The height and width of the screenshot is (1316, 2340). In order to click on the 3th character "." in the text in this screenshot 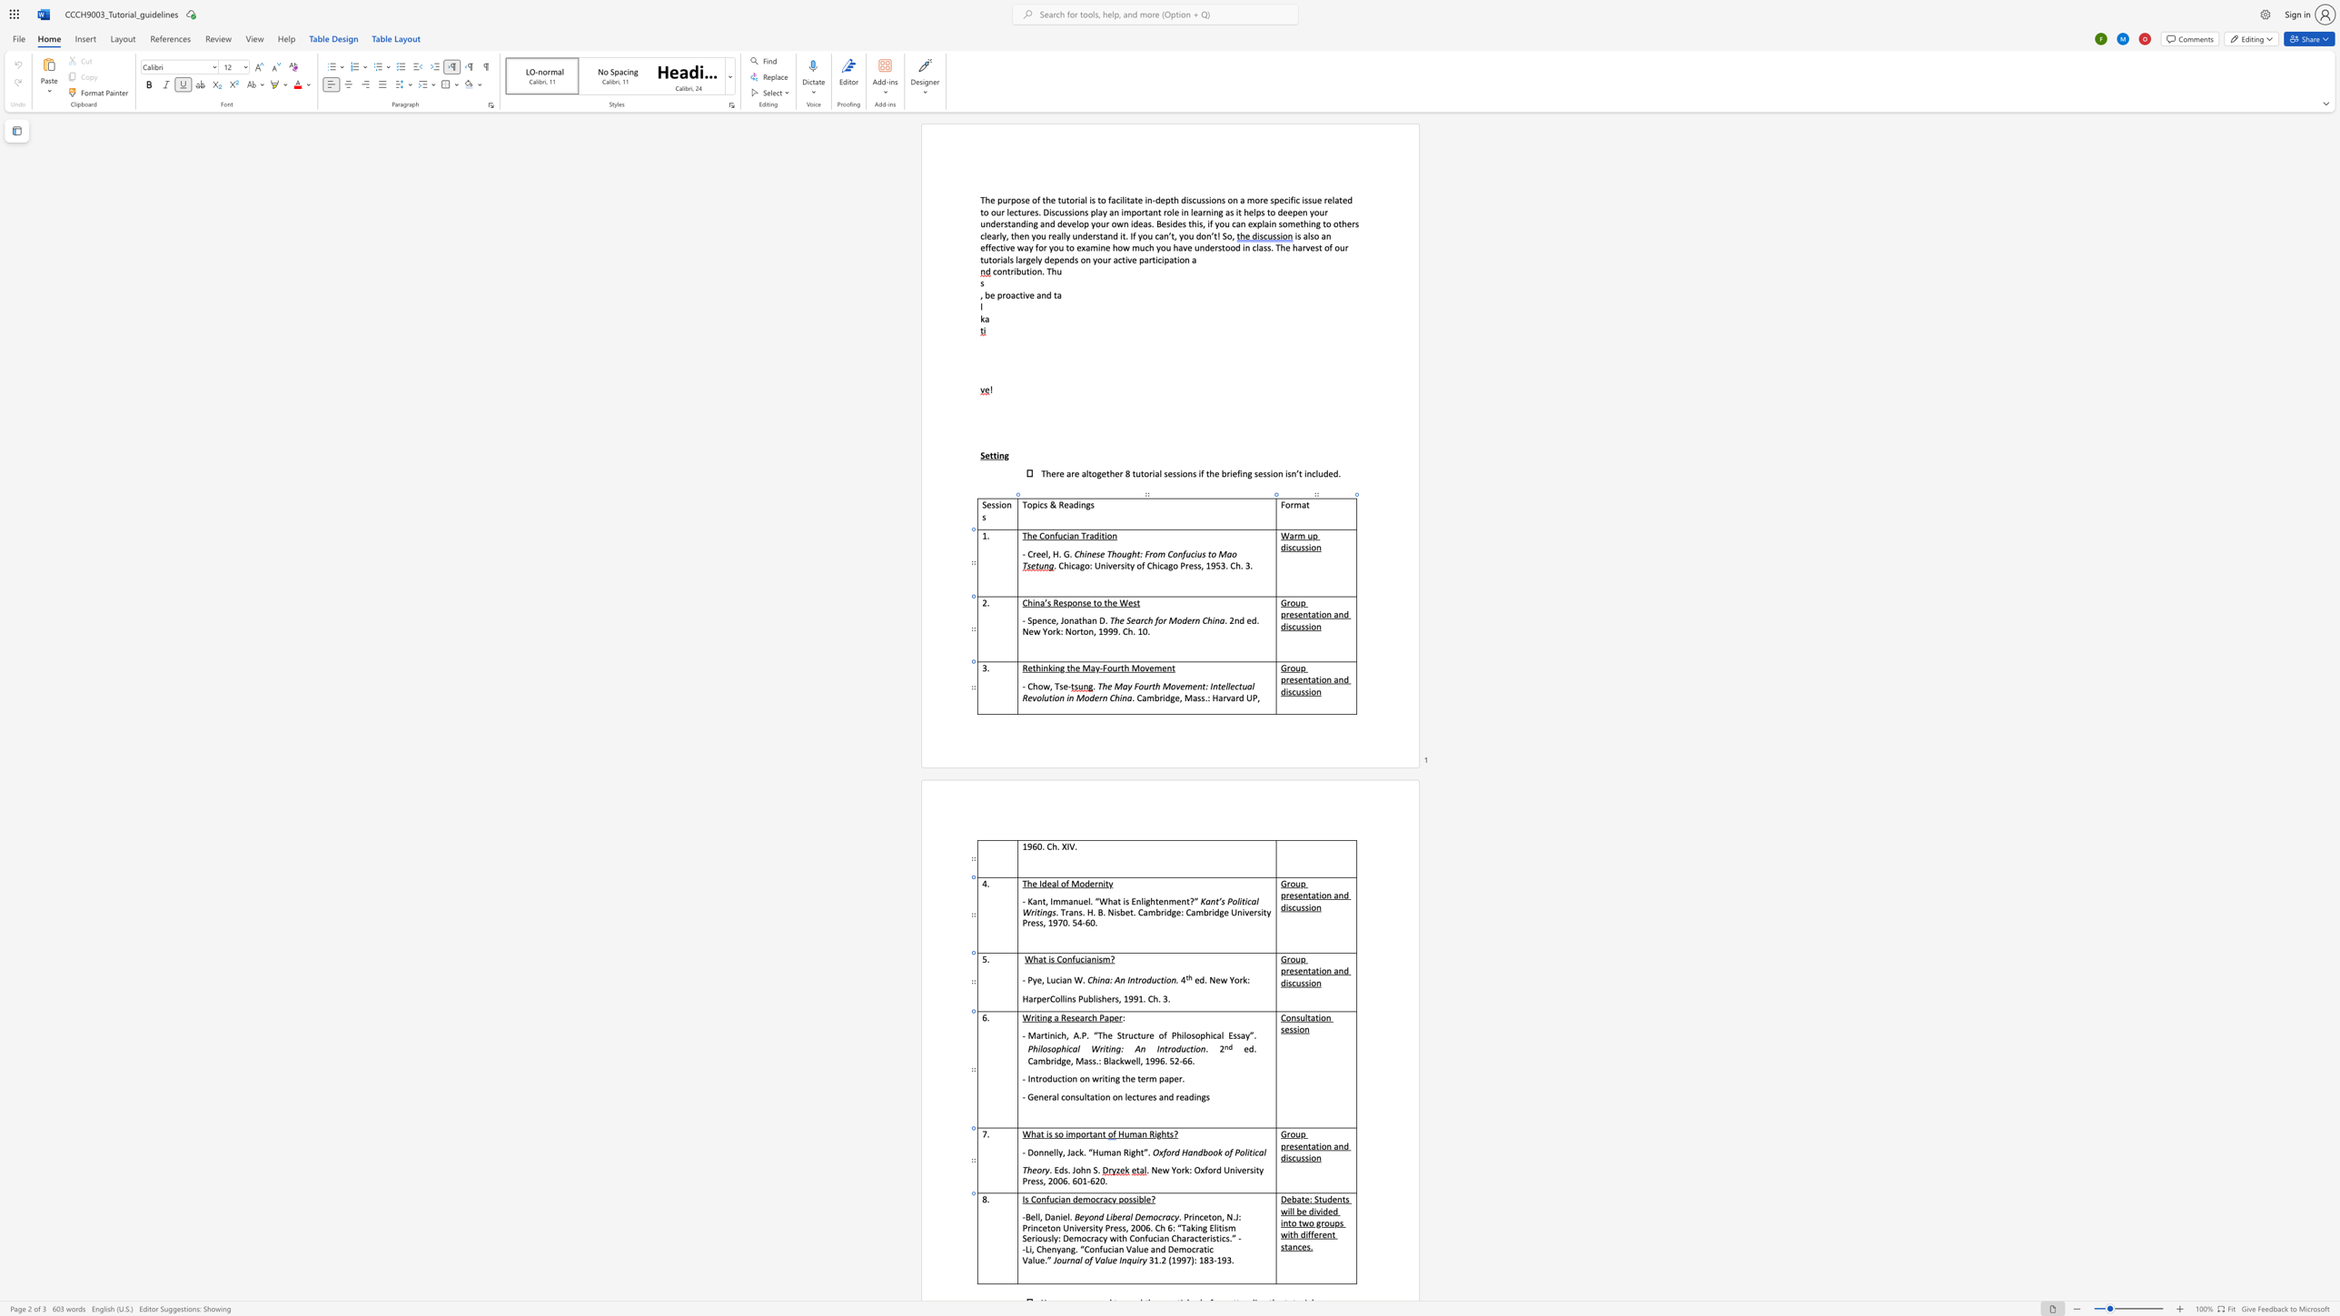, I will do `click(1099, 1169)`.